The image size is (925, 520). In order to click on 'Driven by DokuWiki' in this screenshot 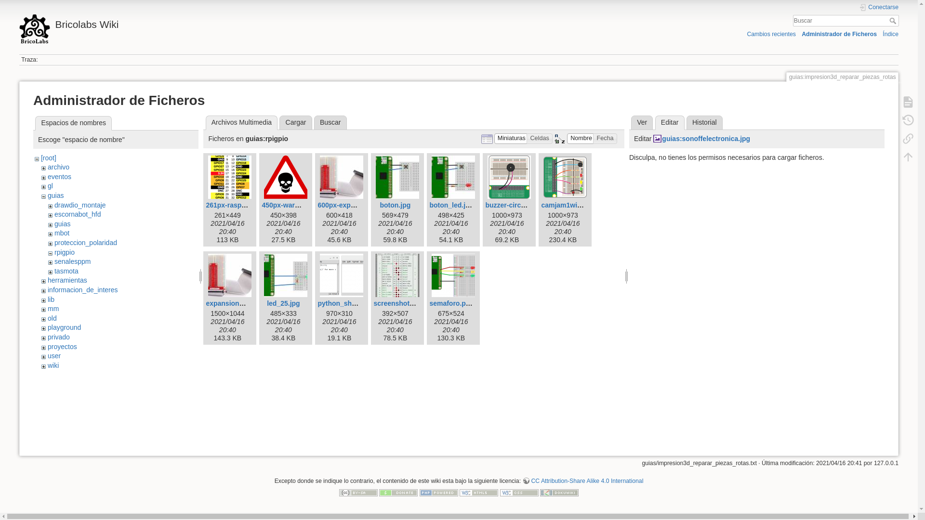, I will do `click(559, 492)`.